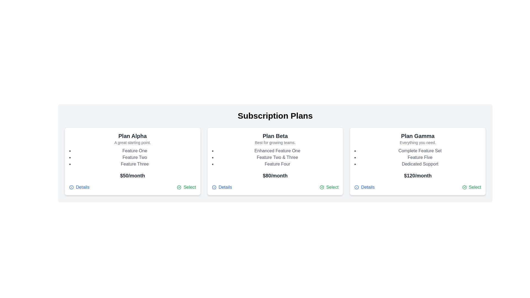 The width and height of the screenshot is (530, 298). I want to click on the 'Select' button, which is a text label with a green check mark icon, positioned in the lower-right section of the 'Plan Alpha' subscription card, so click(186, 187).